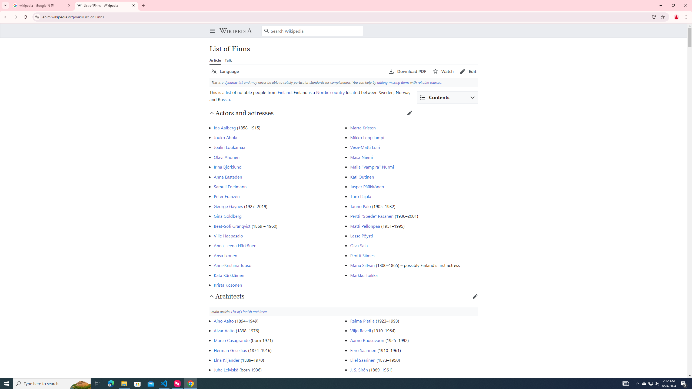  I want to click on 'Krista Kosonen', so click(228, 284).